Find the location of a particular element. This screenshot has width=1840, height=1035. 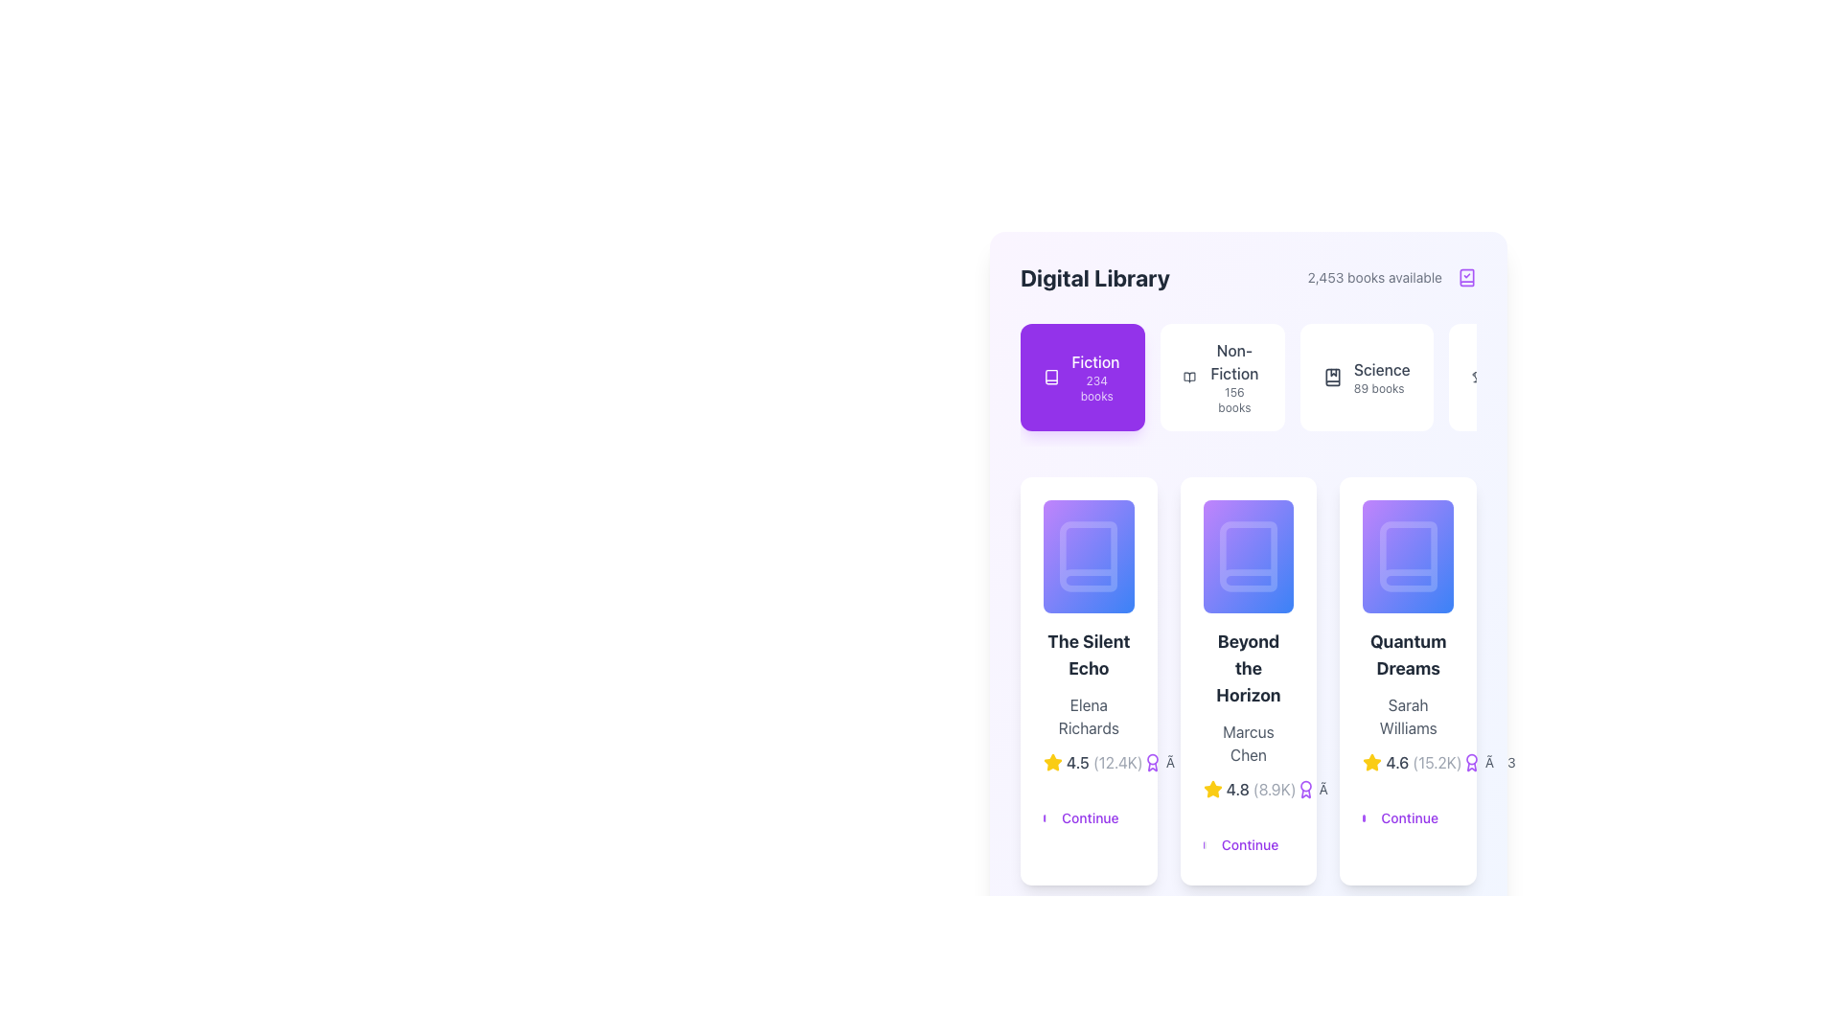

the Rating display component located at the bottom-center of the 'Quantum Dreams' card in the library grid interface is located at coordinates (1412, 762).